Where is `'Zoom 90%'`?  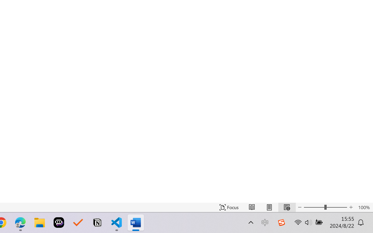 'Zoom 90%' is located at coordinates (359, 216).